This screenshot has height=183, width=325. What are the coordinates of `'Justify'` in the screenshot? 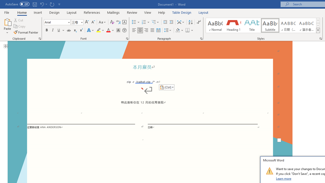 It's located at (152, 30).